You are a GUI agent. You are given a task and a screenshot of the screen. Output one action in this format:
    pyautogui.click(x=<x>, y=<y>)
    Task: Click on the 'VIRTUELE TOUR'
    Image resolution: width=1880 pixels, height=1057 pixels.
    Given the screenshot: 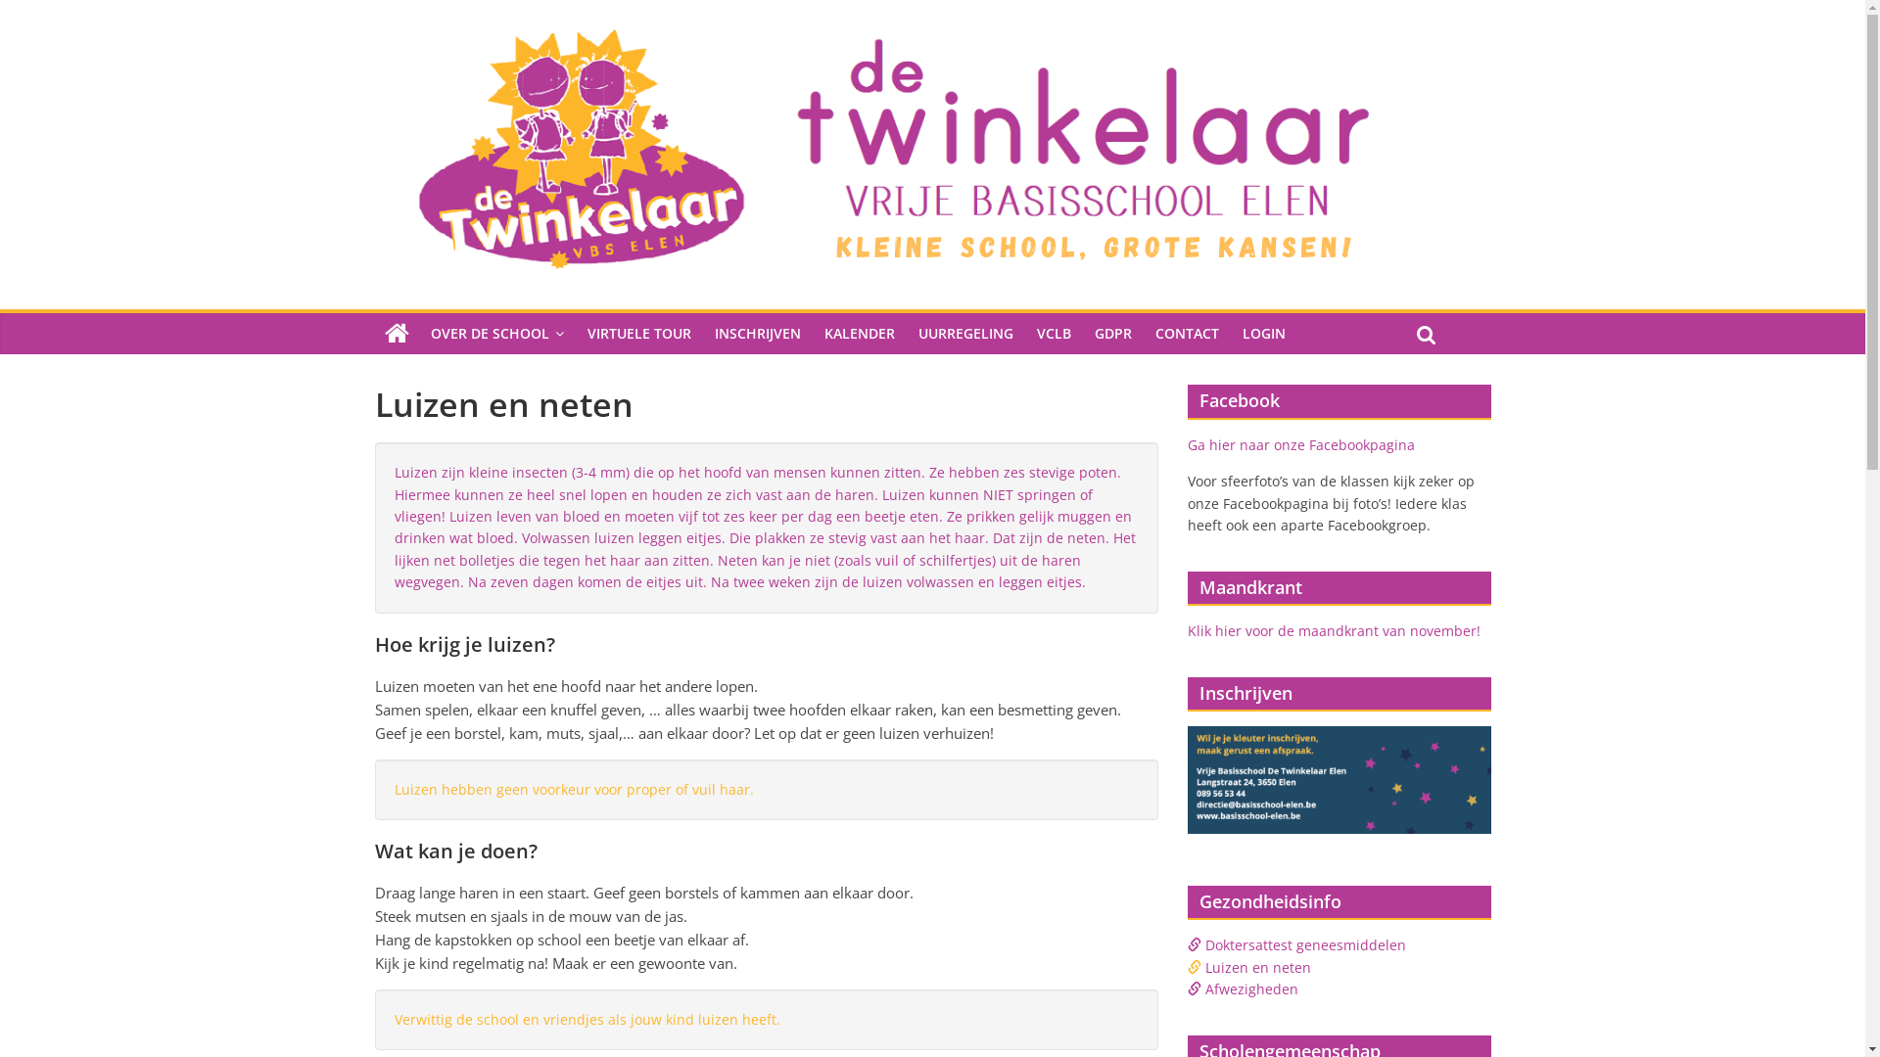 What is the action you would take?
    pyautogui.click(x=638, y=332)
    